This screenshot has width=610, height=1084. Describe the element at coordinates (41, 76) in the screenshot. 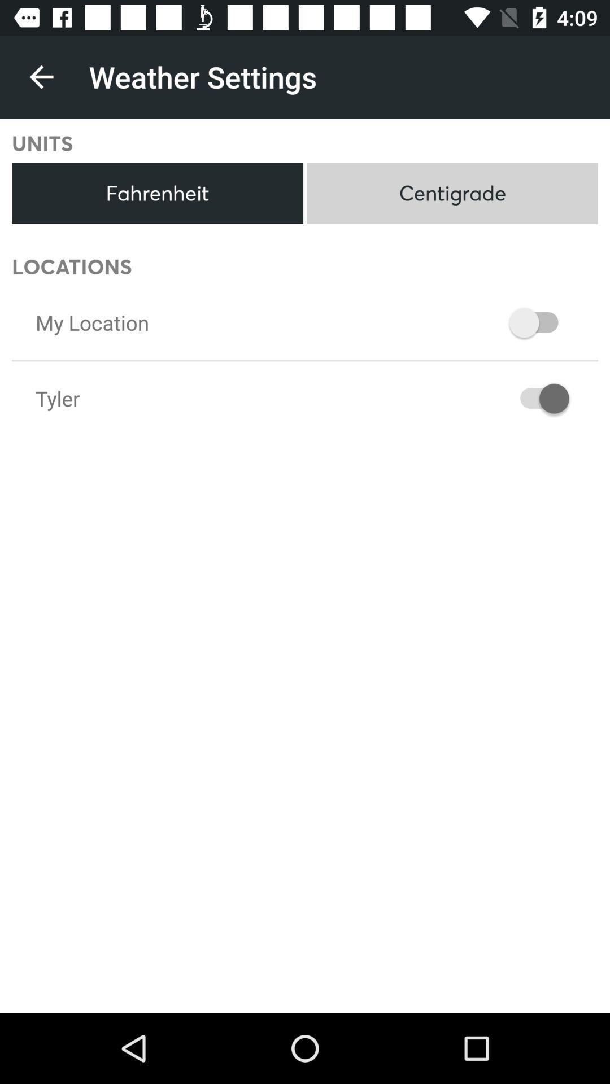

I see `icon above units icon` at that location.